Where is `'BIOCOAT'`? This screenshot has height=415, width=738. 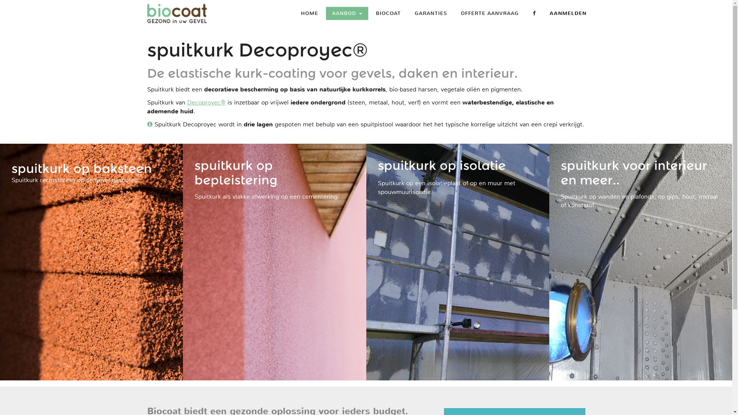 'BIOCOAT' is located at coordinates (388, 13).